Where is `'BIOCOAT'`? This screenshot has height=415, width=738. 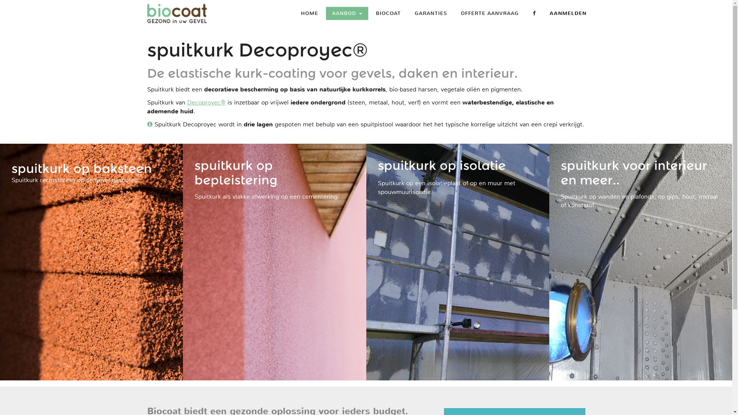 'BIOCOAT' is located at coordinates (388, 13).